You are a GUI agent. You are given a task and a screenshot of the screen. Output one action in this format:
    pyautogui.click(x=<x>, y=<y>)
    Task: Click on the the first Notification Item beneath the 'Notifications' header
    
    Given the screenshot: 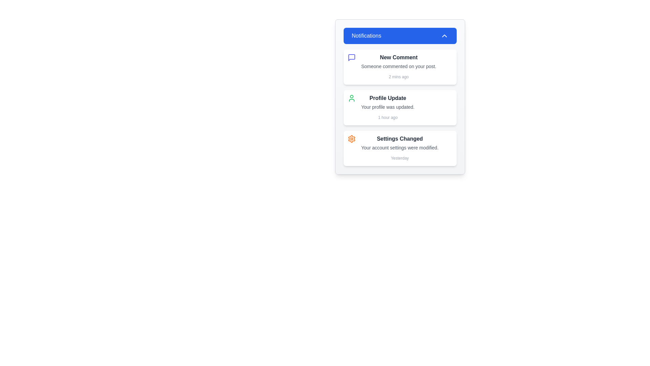 What is the action you would take?
    pyautogui.click(x=398, y=67)
    